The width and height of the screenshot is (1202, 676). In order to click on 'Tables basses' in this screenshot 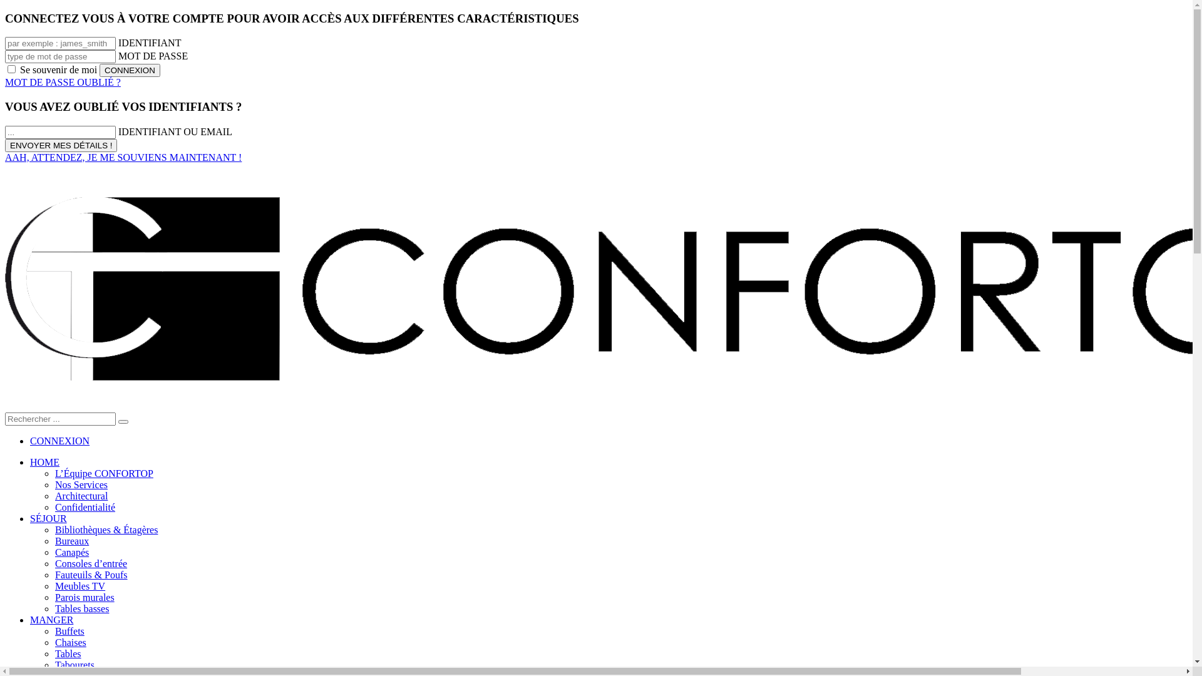, I will do `click(81, 608)`.